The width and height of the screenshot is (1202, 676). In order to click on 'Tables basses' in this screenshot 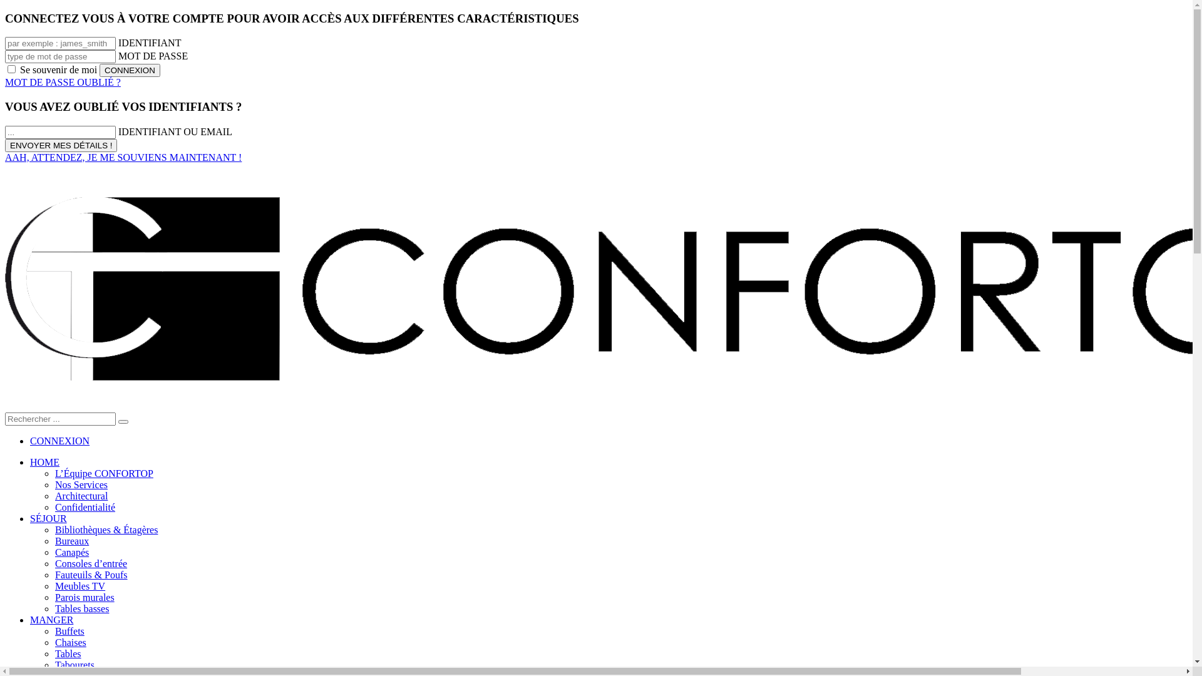, I will do `click(81, 608)`.